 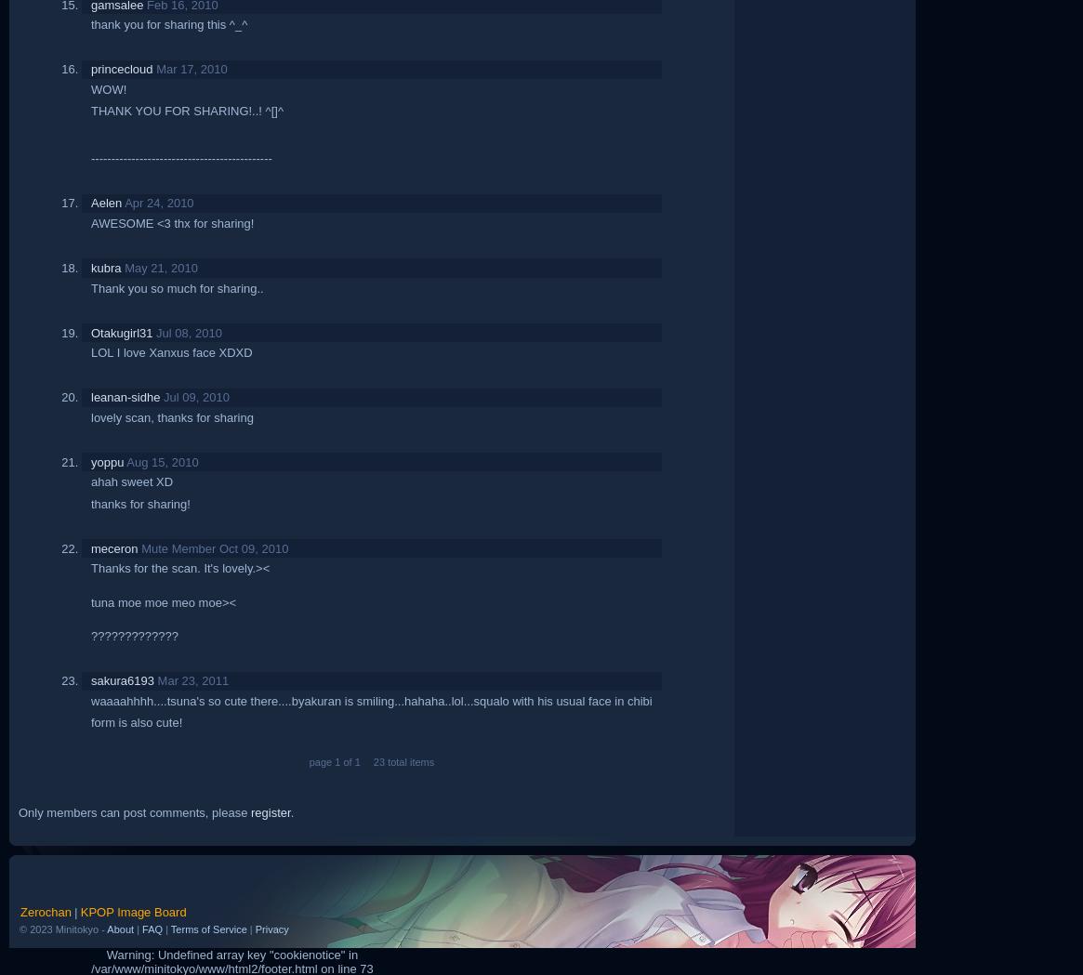 What do you see at coordinates (254, 927) in the screenshot?
I see `'Privacy'` at bounding box center [254, 927].